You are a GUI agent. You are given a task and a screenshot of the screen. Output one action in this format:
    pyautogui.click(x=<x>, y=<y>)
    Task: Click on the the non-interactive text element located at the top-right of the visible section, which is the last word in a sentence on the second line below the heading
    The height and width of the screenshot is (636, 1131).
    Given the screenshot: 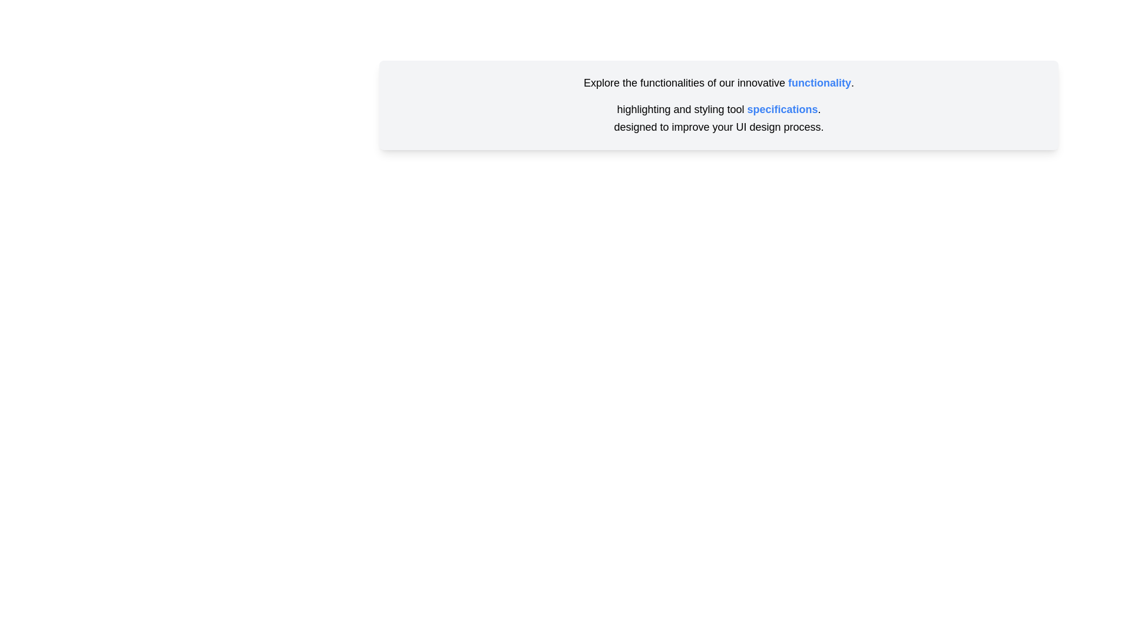 What is the action you would take?
    pyautogui.click(x=782, y=110)
    